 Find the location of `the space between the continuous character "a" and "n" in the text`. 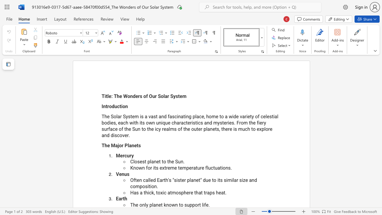

the space between the continuous character "a" and "n" in the text is located at coordinates (131, 145).